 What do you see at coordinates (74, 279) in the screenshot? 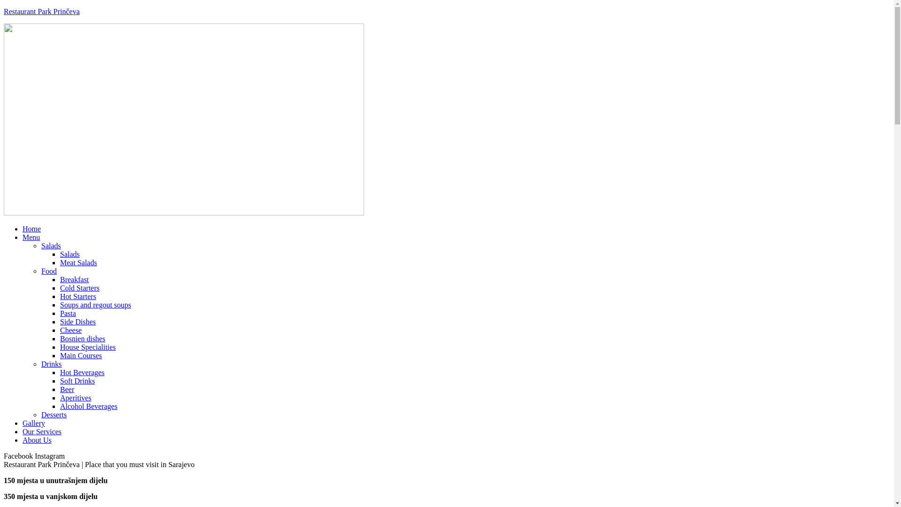
I see `'Breakfast'` at bounding box center [74, 279].